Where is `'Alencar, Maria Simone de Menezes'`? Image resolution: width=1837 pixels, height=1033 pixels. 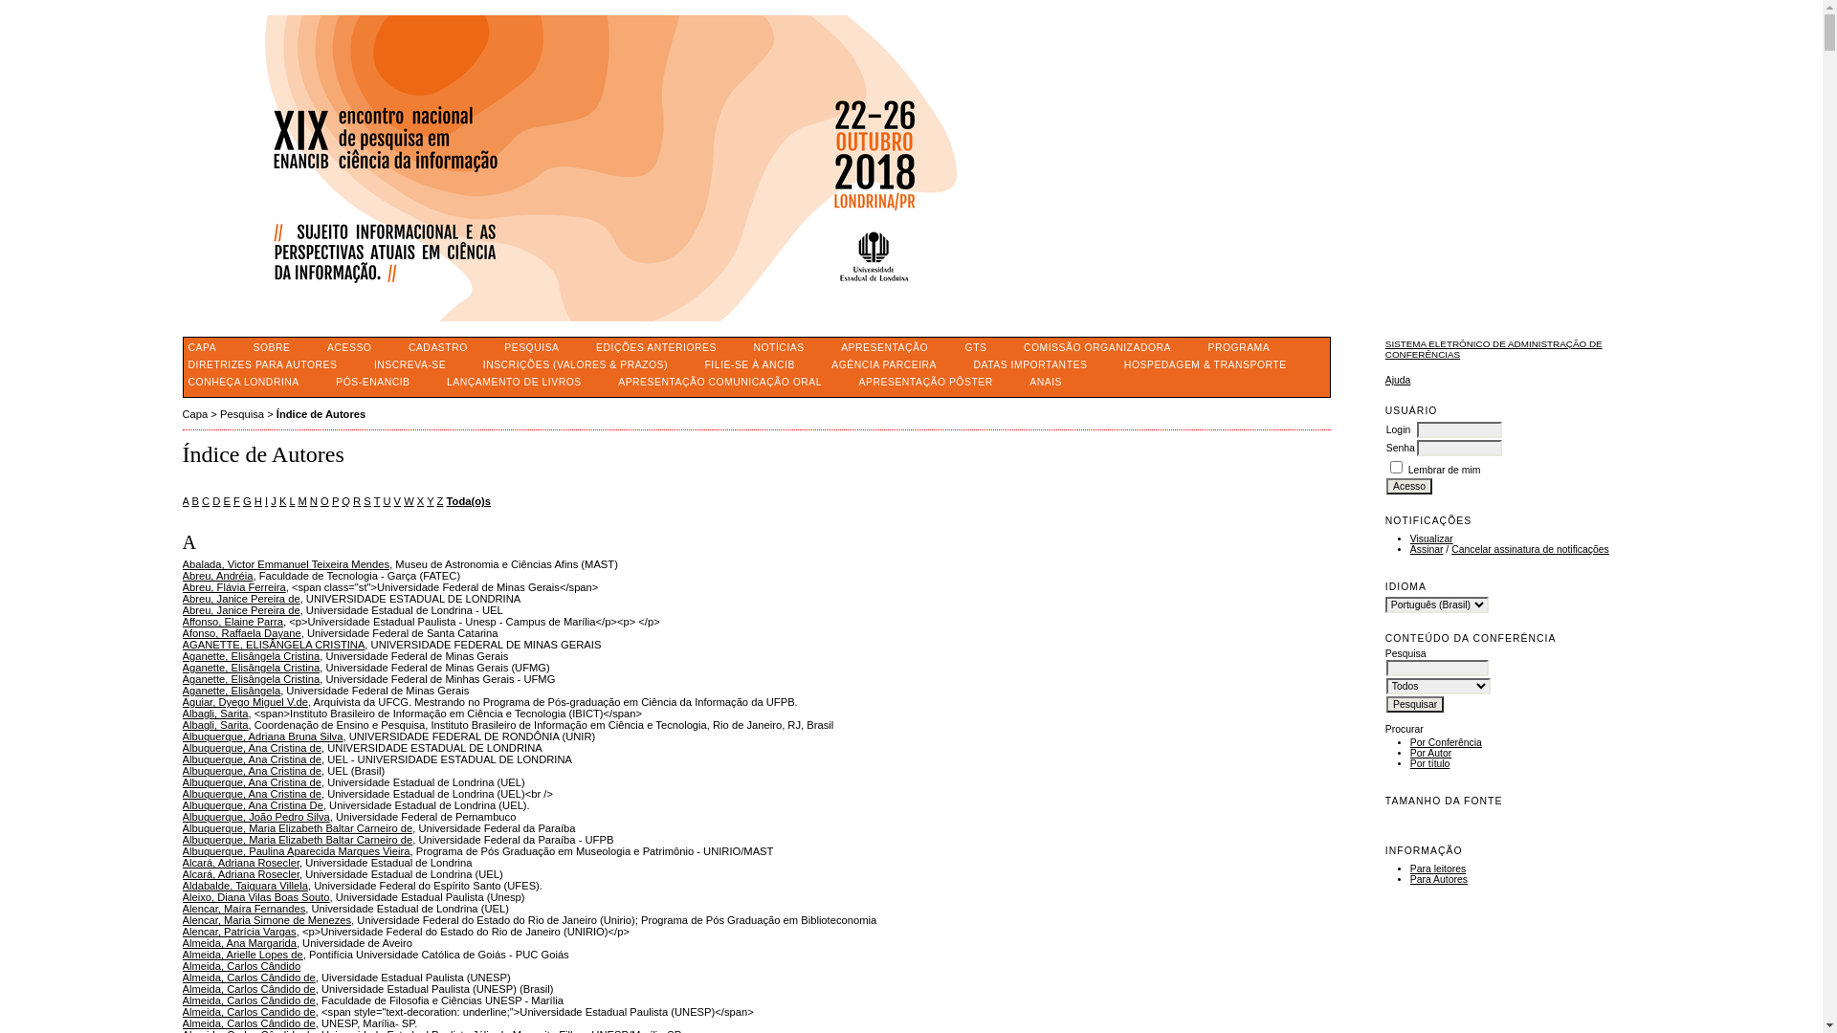 'Alencar, Maria Simone de Menezes' is located at coordinates (265, 918).